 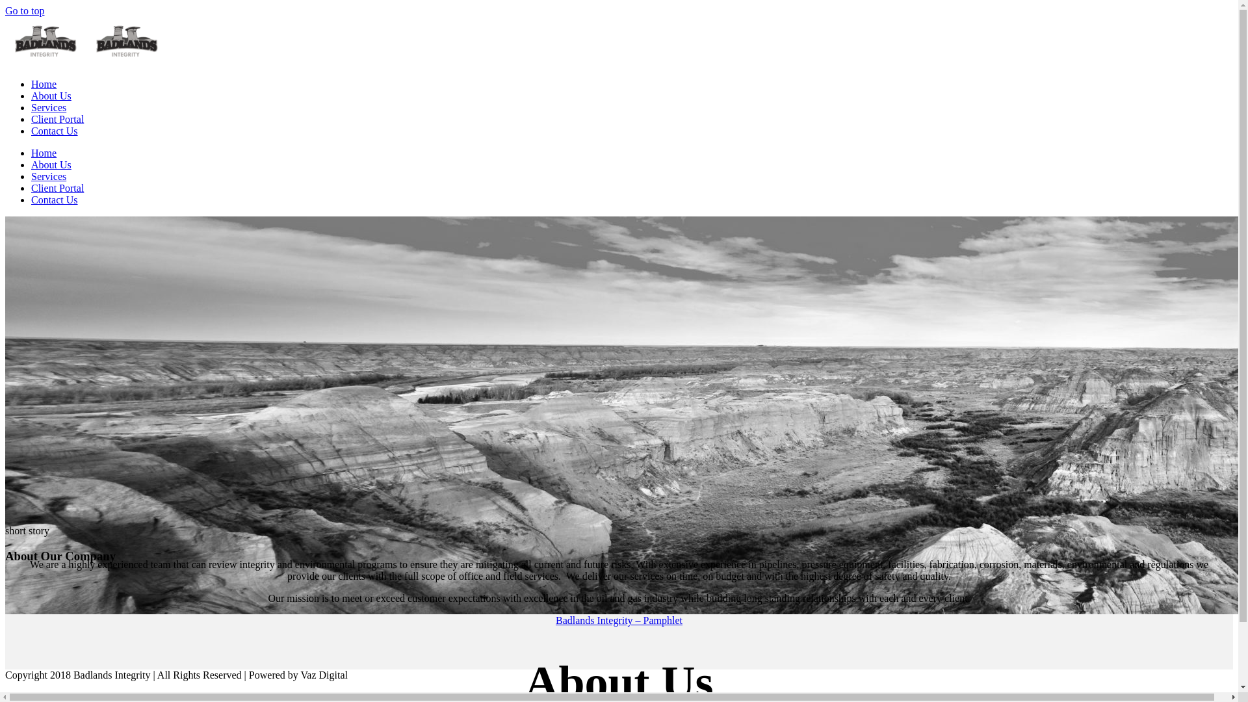 What do you see at coordinates (49, 176) in the screenshot?
I see `'Services'` at bounding box center [49, 176].